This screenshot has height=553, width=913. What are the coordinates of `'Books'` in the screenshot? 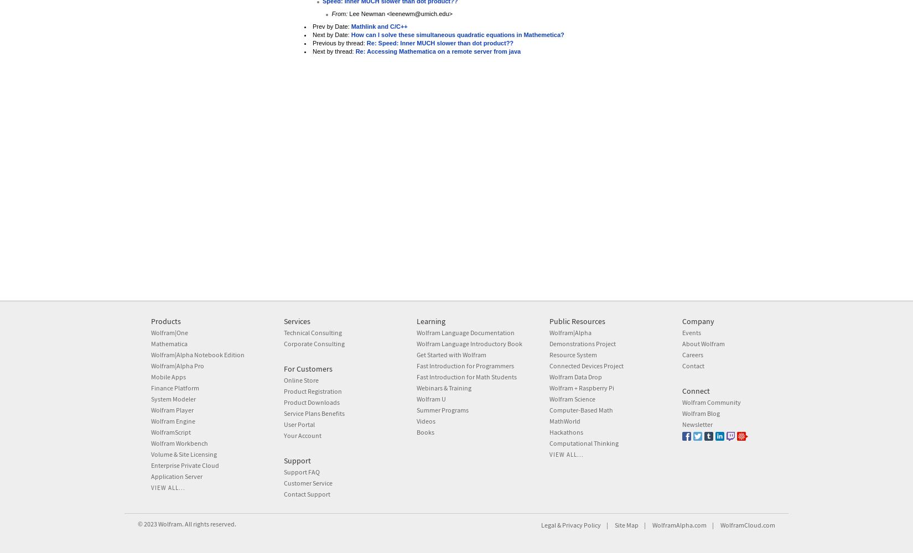 It's located at (425, 431).